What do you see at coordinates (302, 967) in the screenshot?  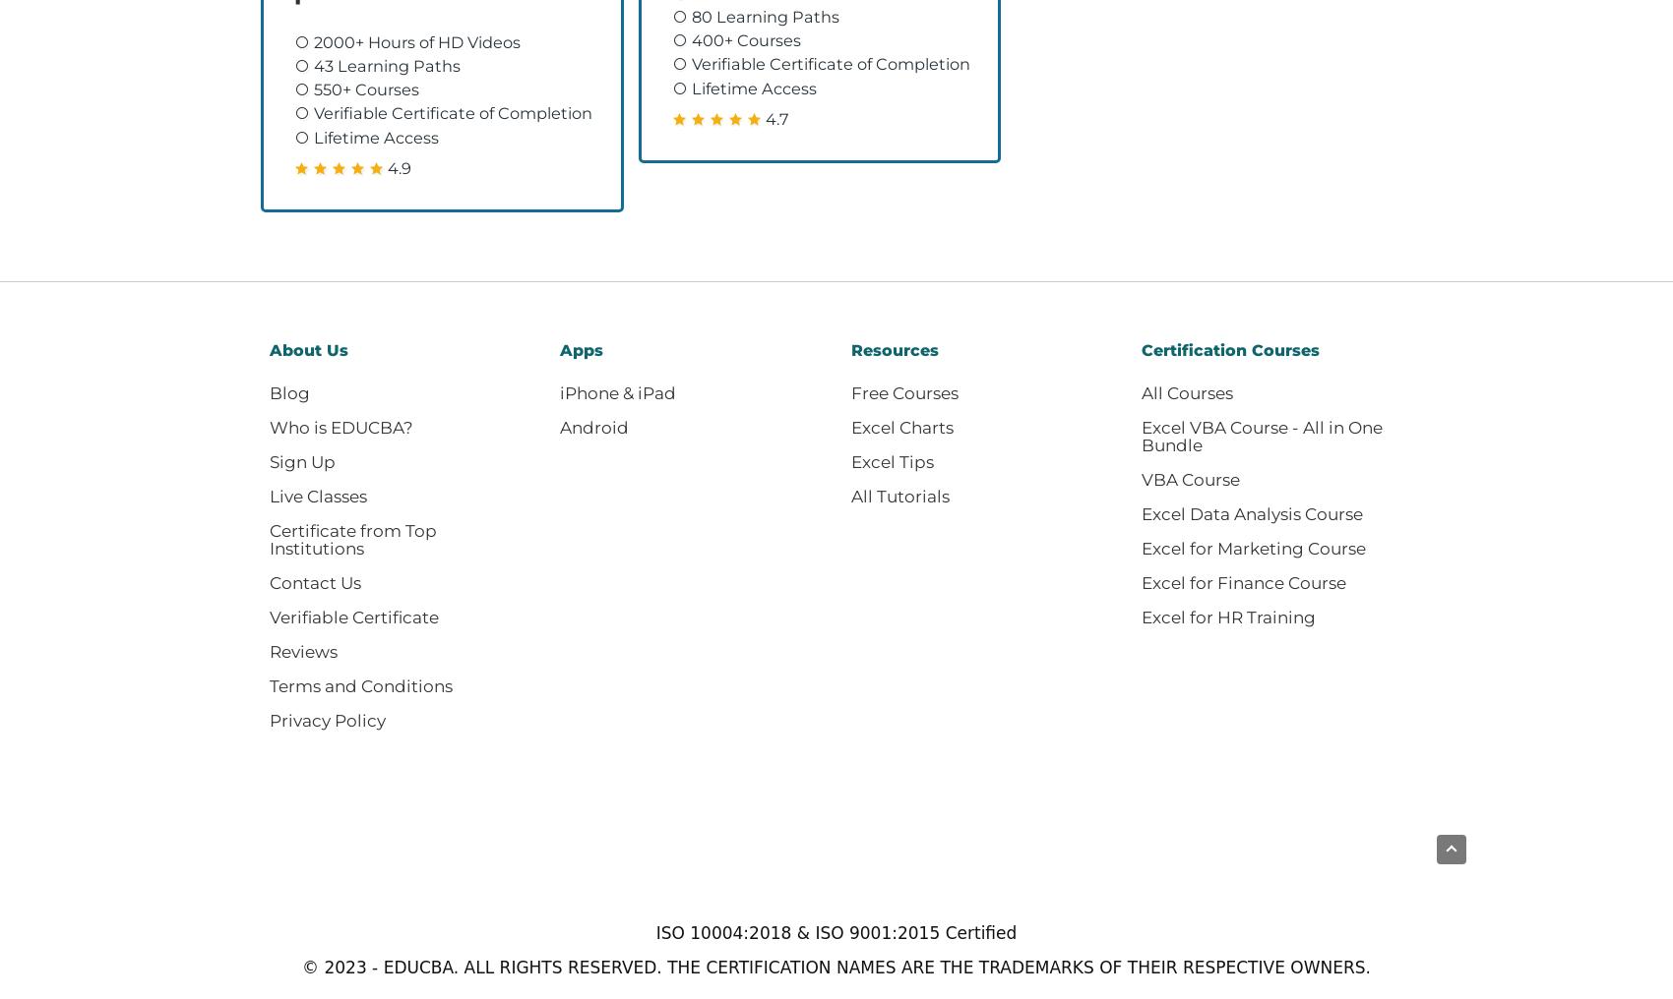 I see `'© 2023 - EDUCBA. ALL RIGHTS RESERVED. THE CERTIFICATION NAMES ARE THE TRADEMARKS OF THEIR RESPECTIVE OWNERS.'` at bounding box center [302, 967].